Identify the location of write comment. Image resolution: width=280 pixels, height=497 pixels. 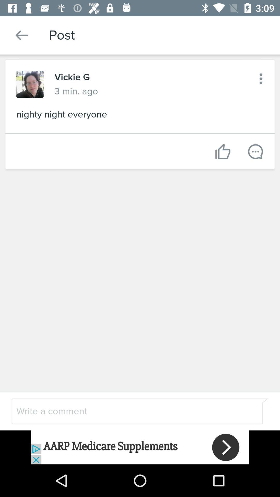
(126, 411).